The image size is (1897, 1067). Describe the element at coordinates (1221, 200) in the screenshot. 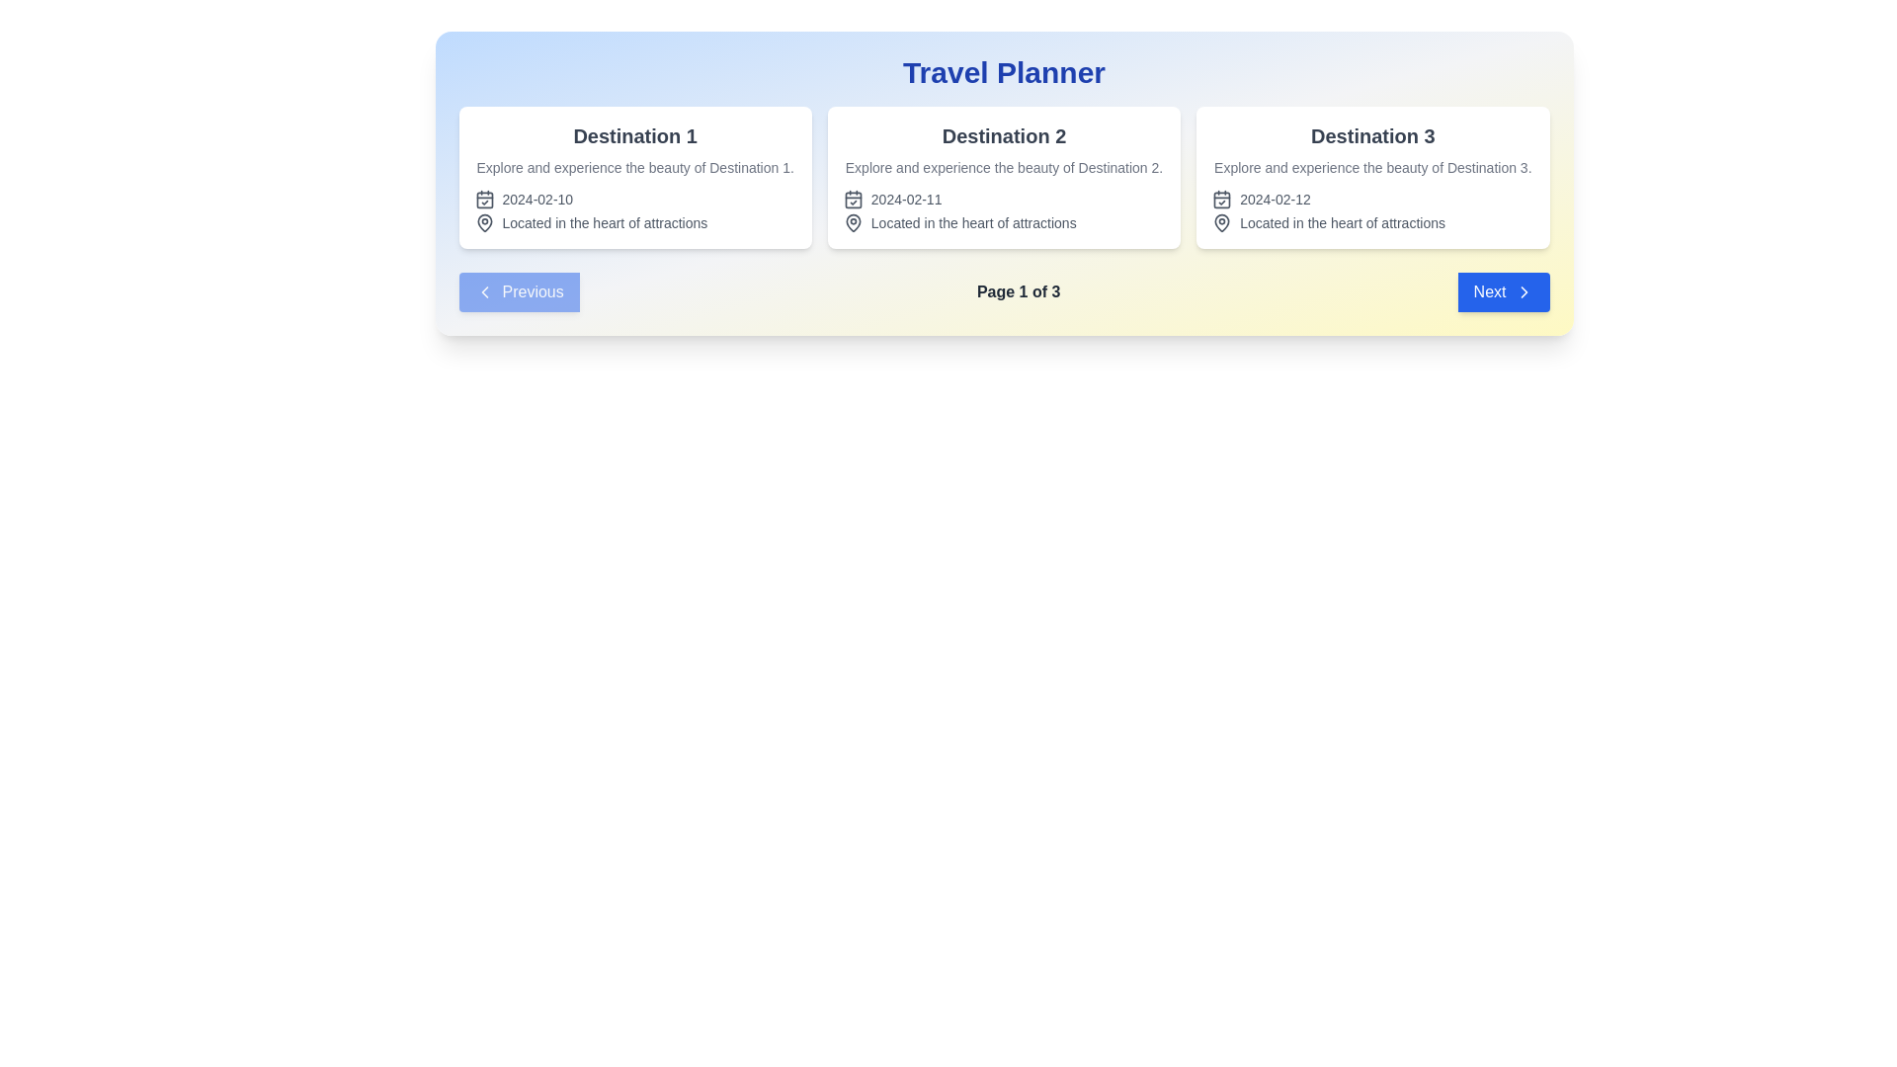

I see `the calendar-check icon located to the left of the 'Destination 3' section's header, which represents date-related information for '2024-02-12'` at that location.